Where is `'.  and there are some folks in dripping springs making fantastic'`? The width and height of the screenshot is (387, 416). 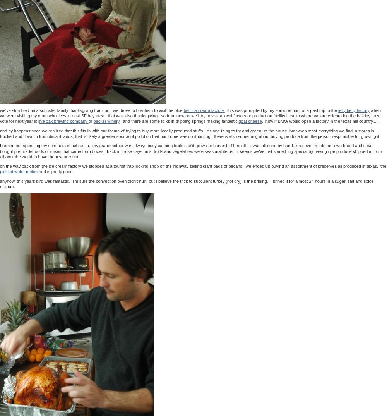 '.  and there are some folks in dripping springs making fantastic' is located at coordinates (178, 121).